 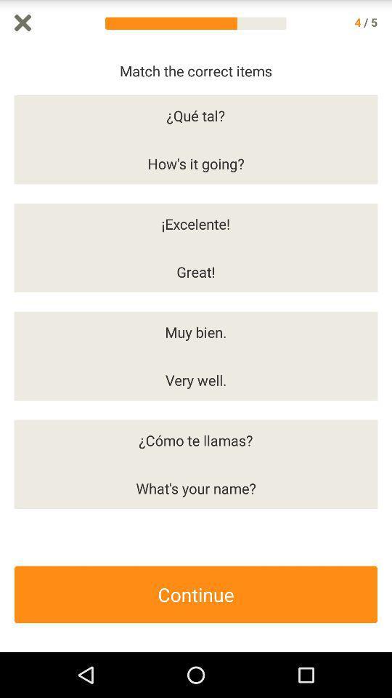 What do you see at coordinates (22, 22) in the screenshot?
I see `icon at the top left corner` at bounding box center [22, 22].